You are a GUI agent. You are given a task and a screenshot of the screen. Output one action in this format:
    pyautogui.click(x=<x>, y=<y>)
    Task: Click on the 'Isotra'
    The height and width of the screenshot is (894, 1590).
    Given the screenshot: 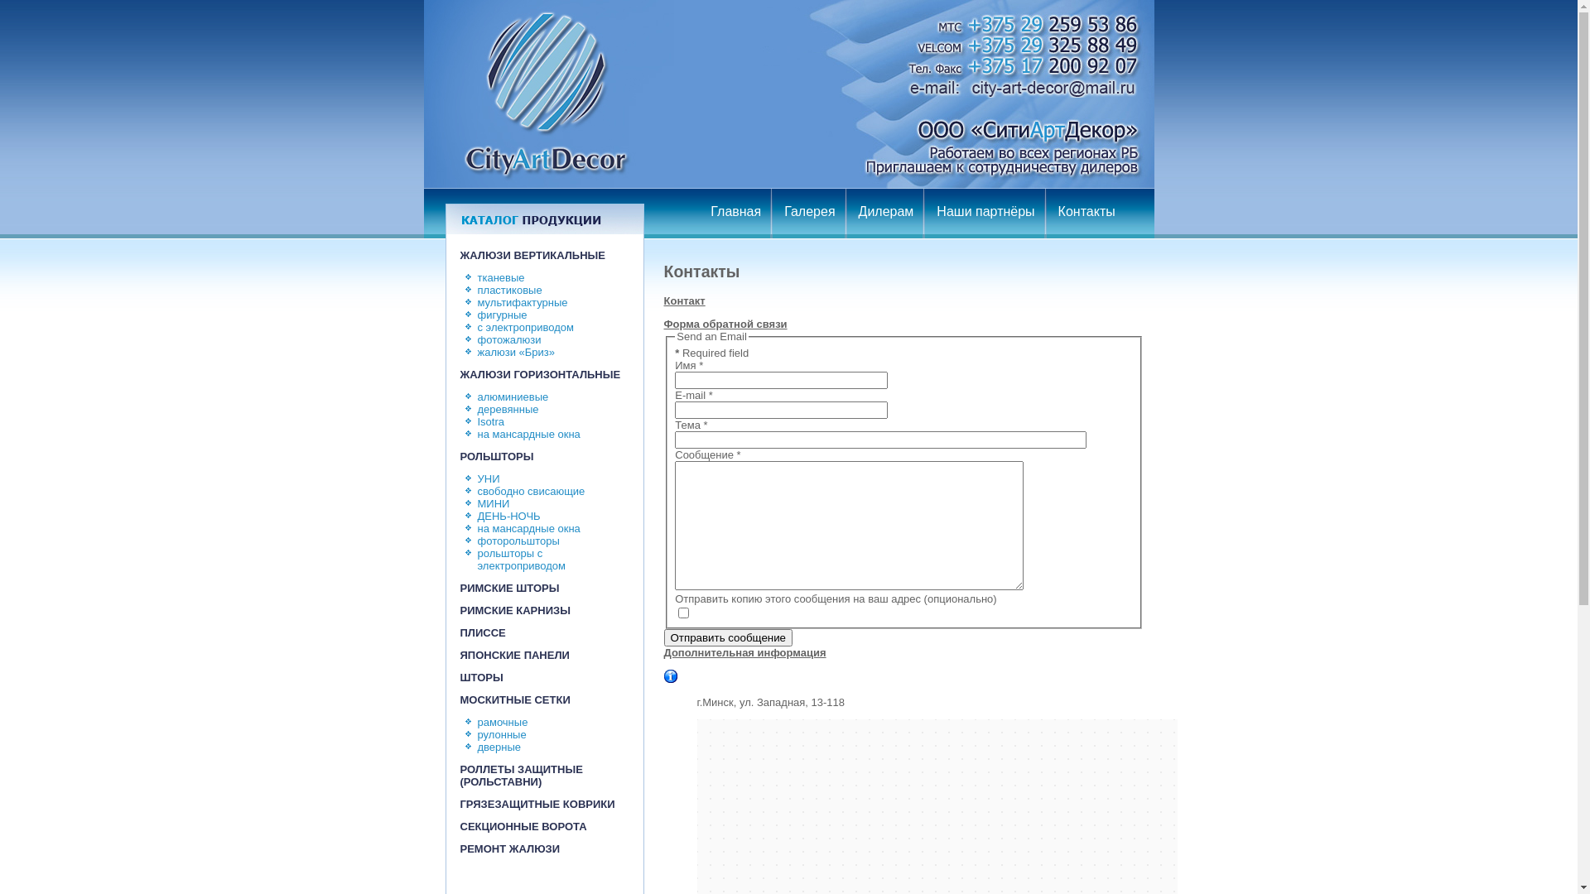 What is the action you would take?
    pyautogui.click(x=489, y=421)
    